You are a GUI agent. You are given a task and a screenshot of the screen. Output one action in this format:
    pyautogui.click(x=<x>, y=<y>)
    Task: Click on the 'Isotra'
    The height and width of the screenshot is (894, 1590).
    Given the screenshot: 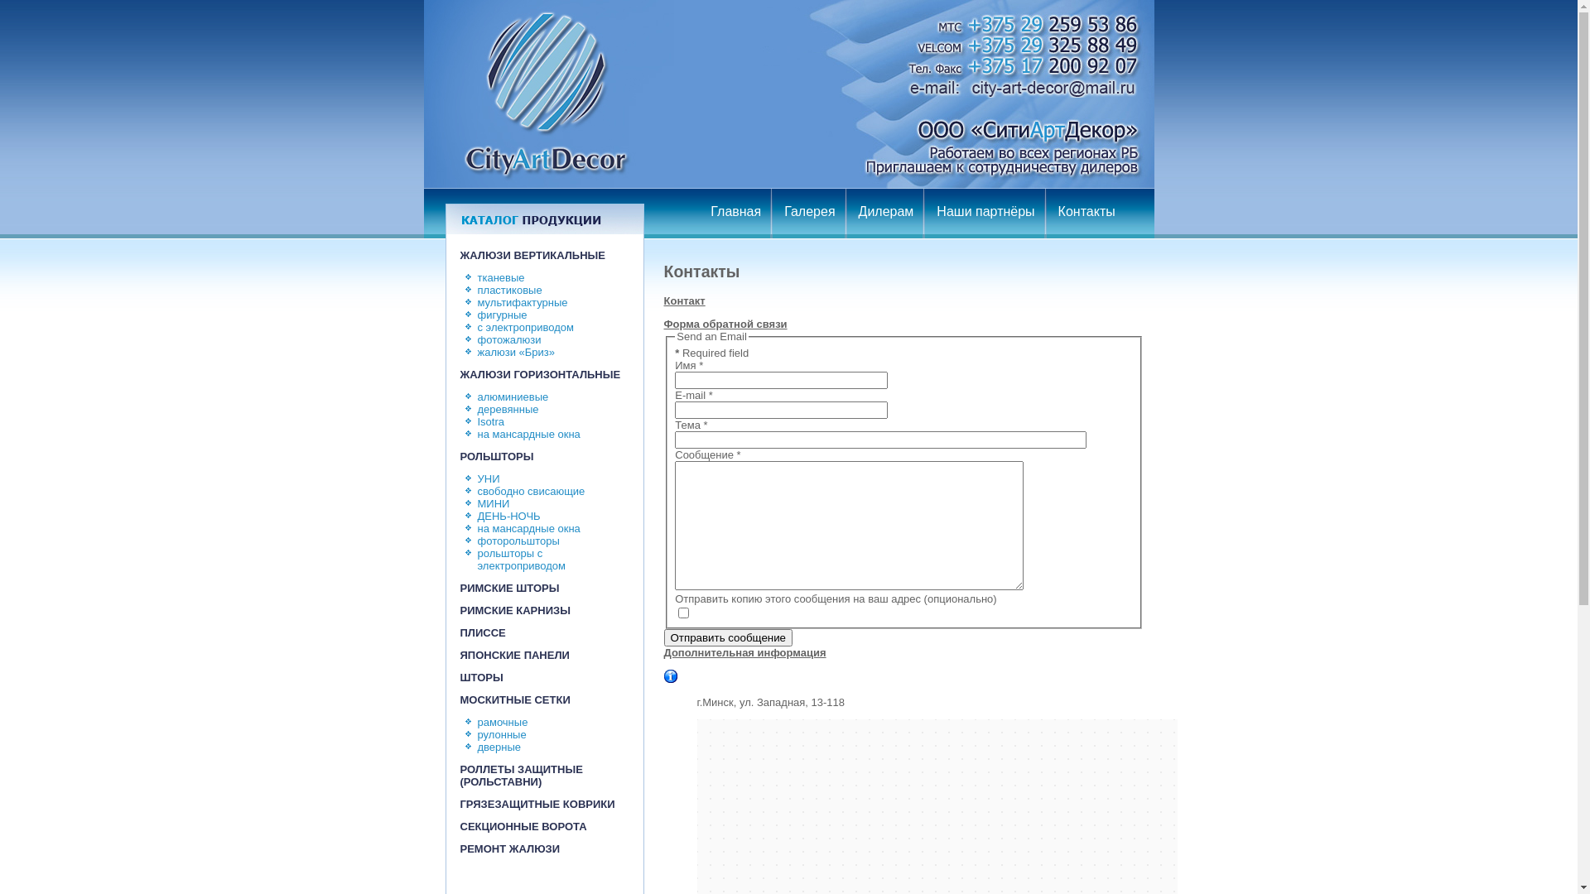 What is the action you would take?
    pyautogui.click(x=489, y=421)
    